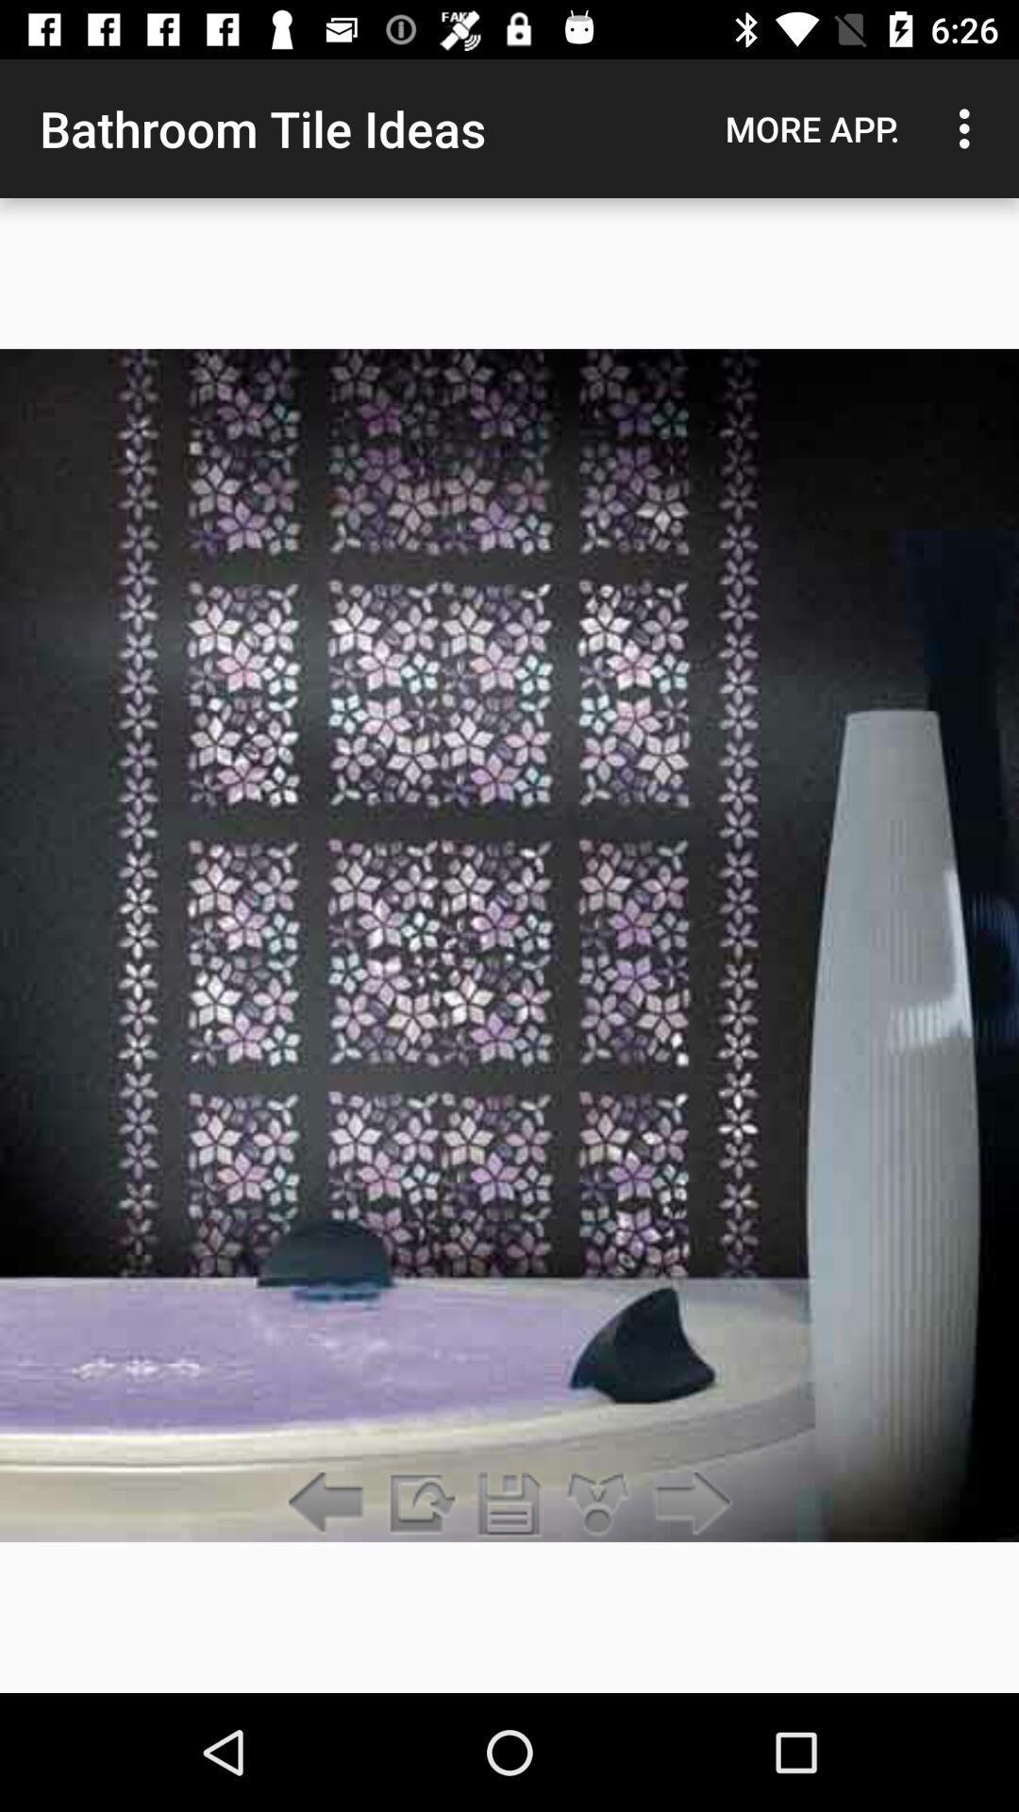  Describe the element at coordinates (330, 1503) in the screenshot. I see `the arrow_backward icon` at that location.